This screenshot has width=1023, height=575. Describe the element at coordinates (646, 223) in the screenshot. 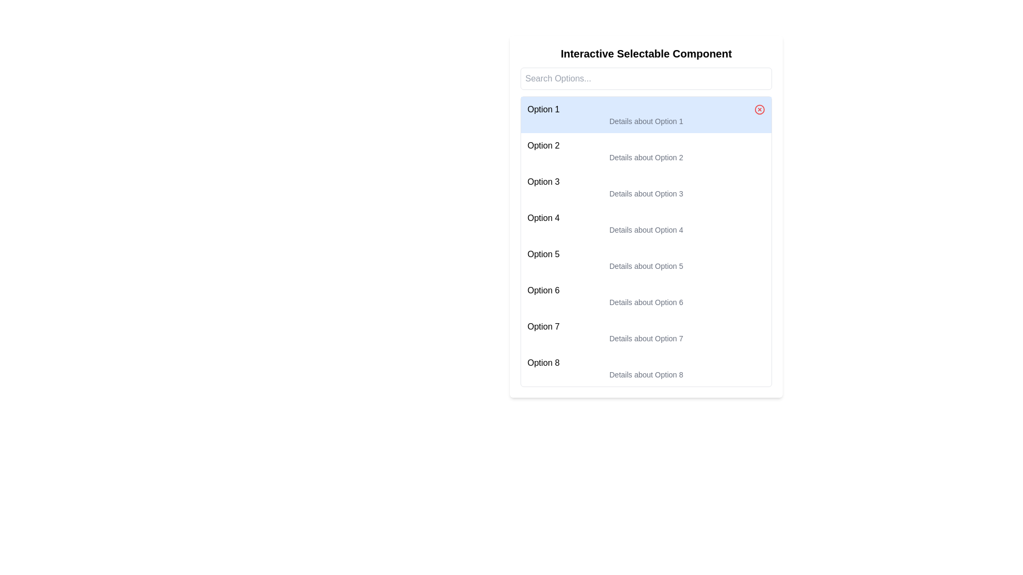

I see `the text displayed in the fourth item of a vertical list of selectable options, positioned between 'Option 3' and 'Option 5'` at that location.